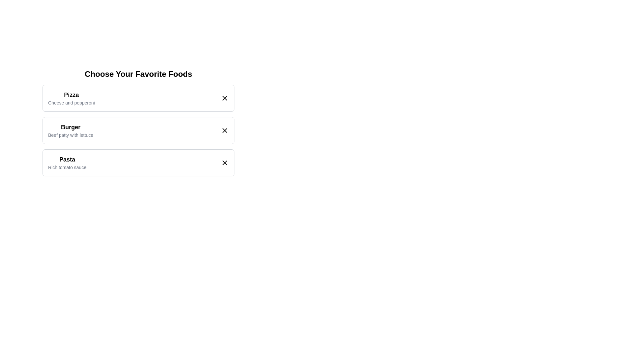  Describe the element at coordinates (225, 98) in the screenshot. I see `the dismiss button located at the top-right corner of the panel labeled 'Pizza' with the description 'Cheese and pepperoni'` at that location.